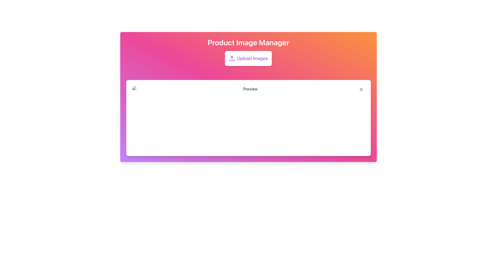 This screenshot has height=270, width=481. What do you see at coordinates (361, 89) in the screenshot?
I see `the Close icon located at the top-right corner of the preview box to observe possible visual feedback` at bounding box center [361, 89].